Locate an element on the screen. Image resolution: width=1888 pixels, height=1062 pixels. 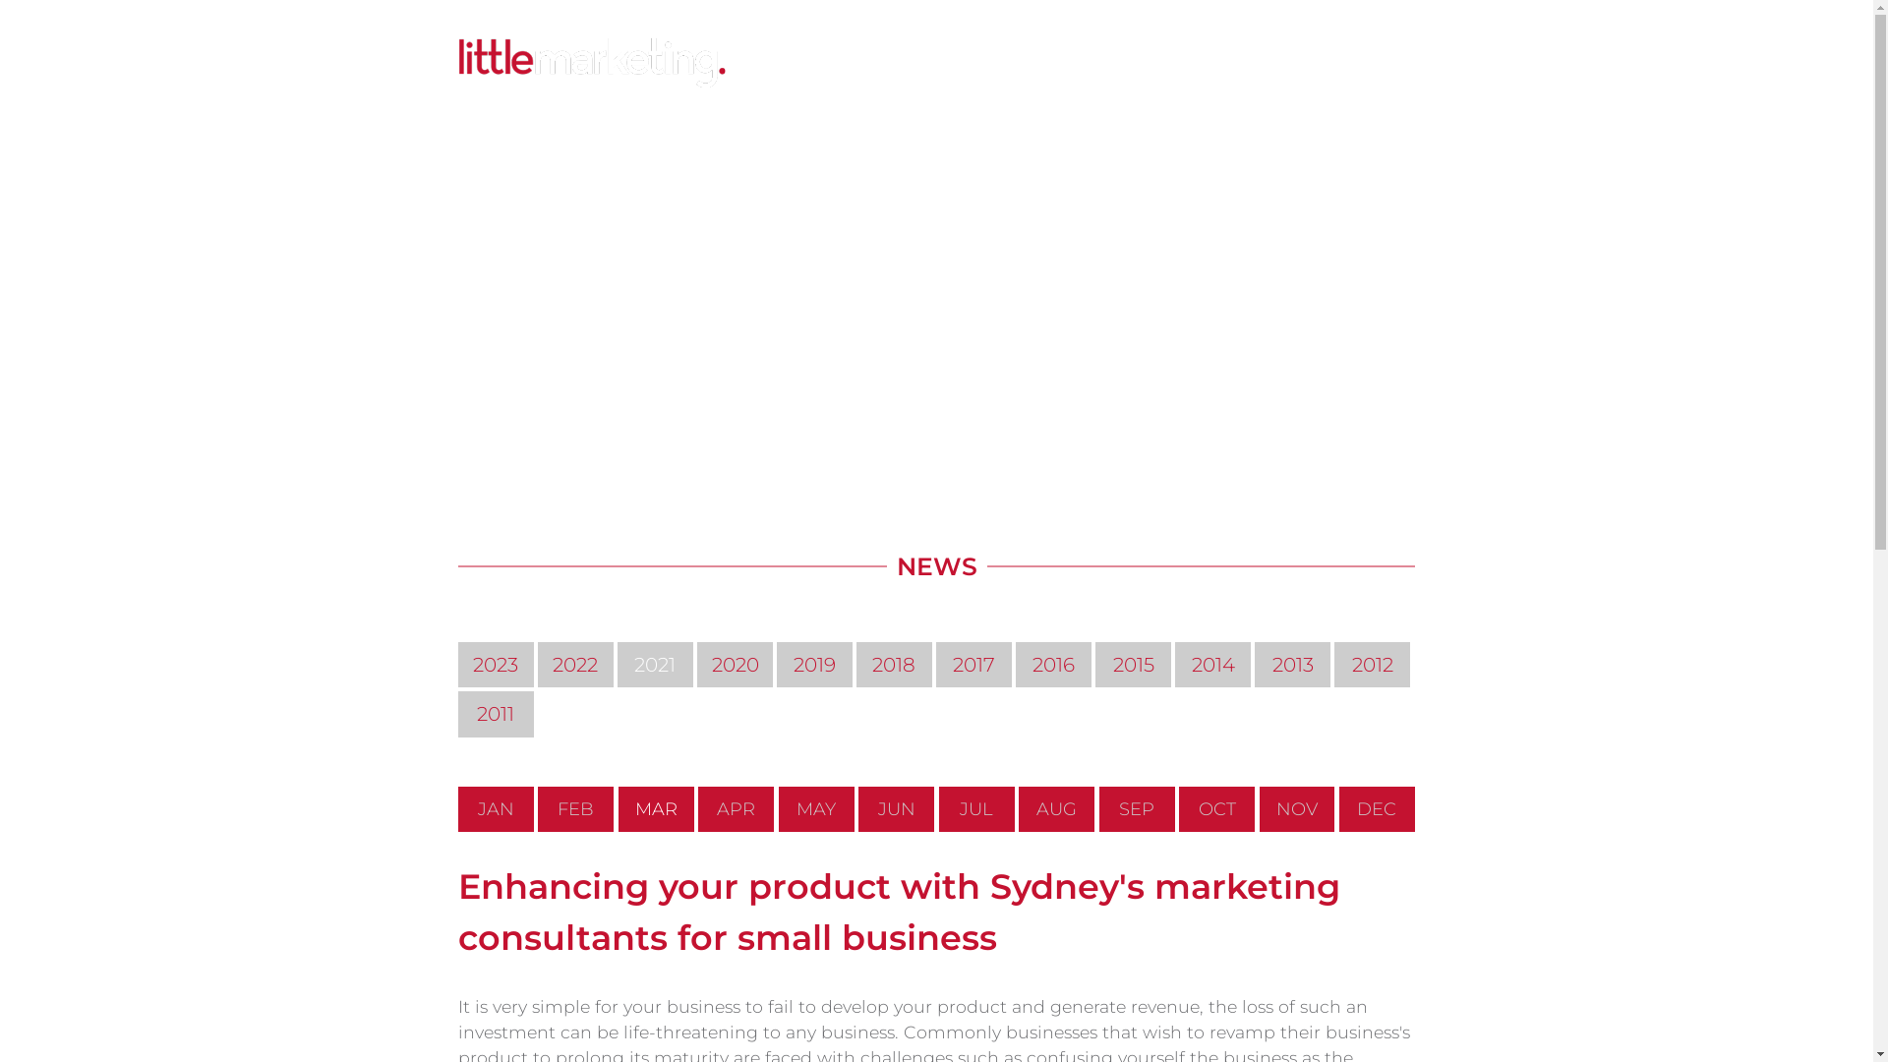
'MAR' is located at coordinates (656, 808).